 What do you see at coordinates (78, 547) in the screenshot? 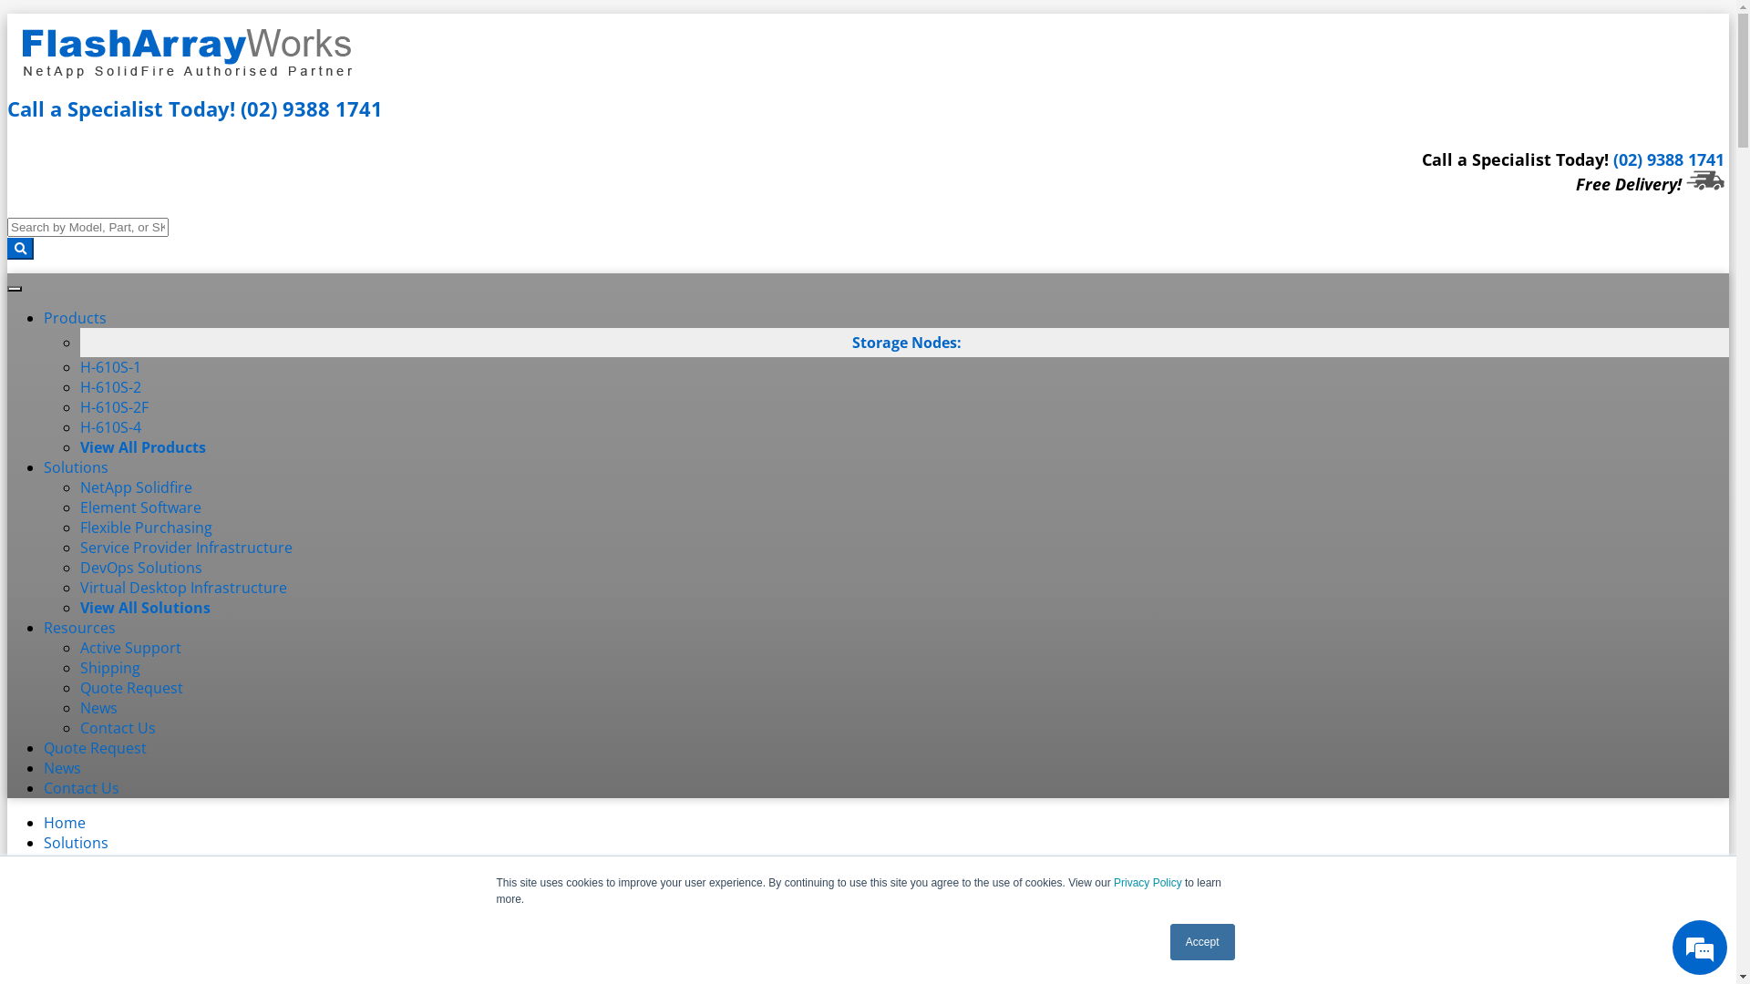
I see `'Service Provider Infrastructure'` at bounding box center [78, 547].